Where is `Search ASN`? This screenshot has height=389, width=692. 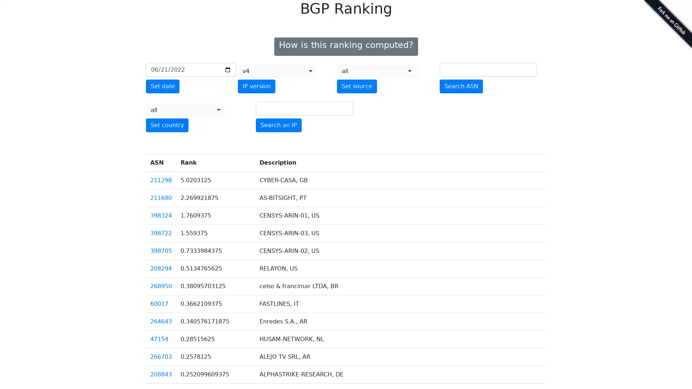
Search ASN is located at coordinates (461, 86).